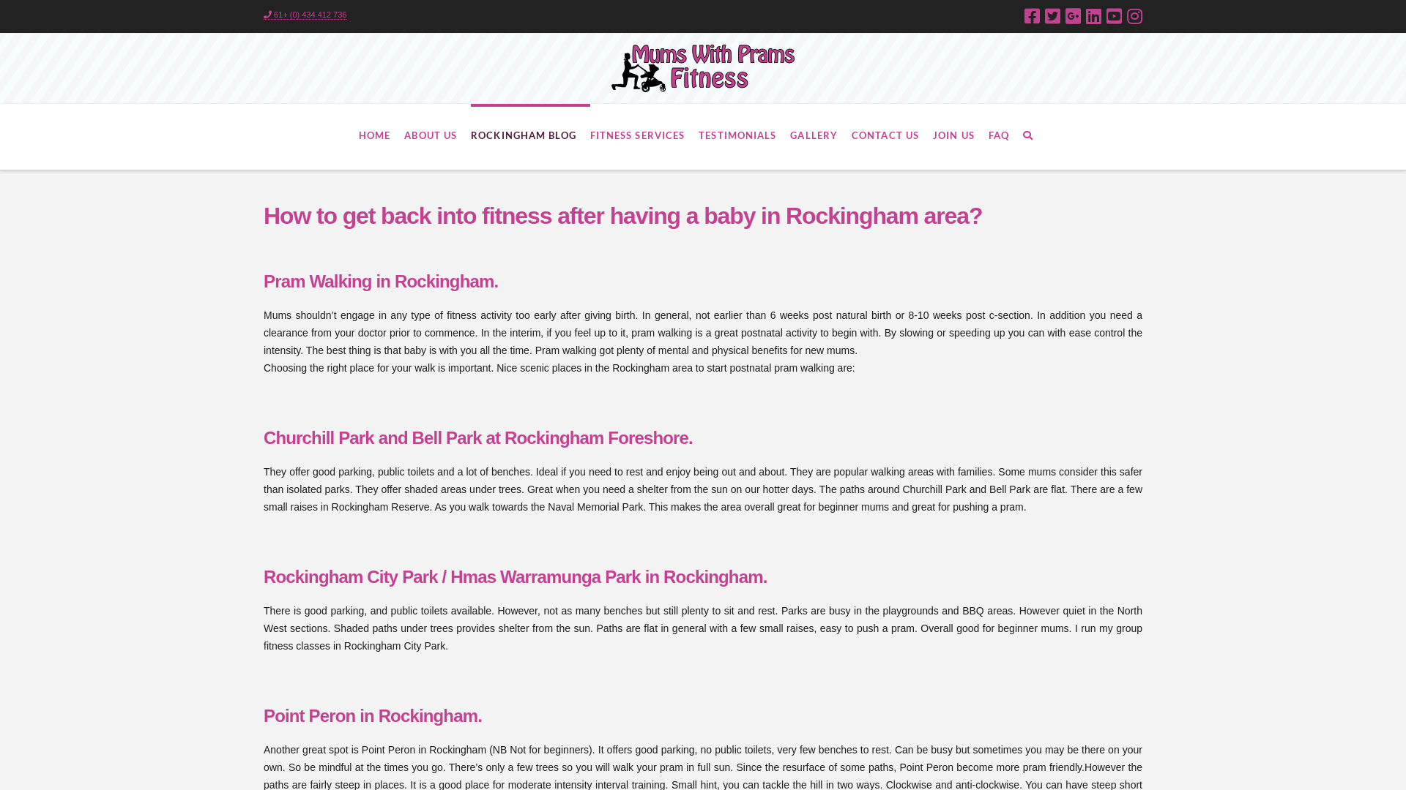  What do you see at coordinates (744, 136) in the screenshot?
I see `'TESTIMONIALS'` at bounding box center [744, 136].